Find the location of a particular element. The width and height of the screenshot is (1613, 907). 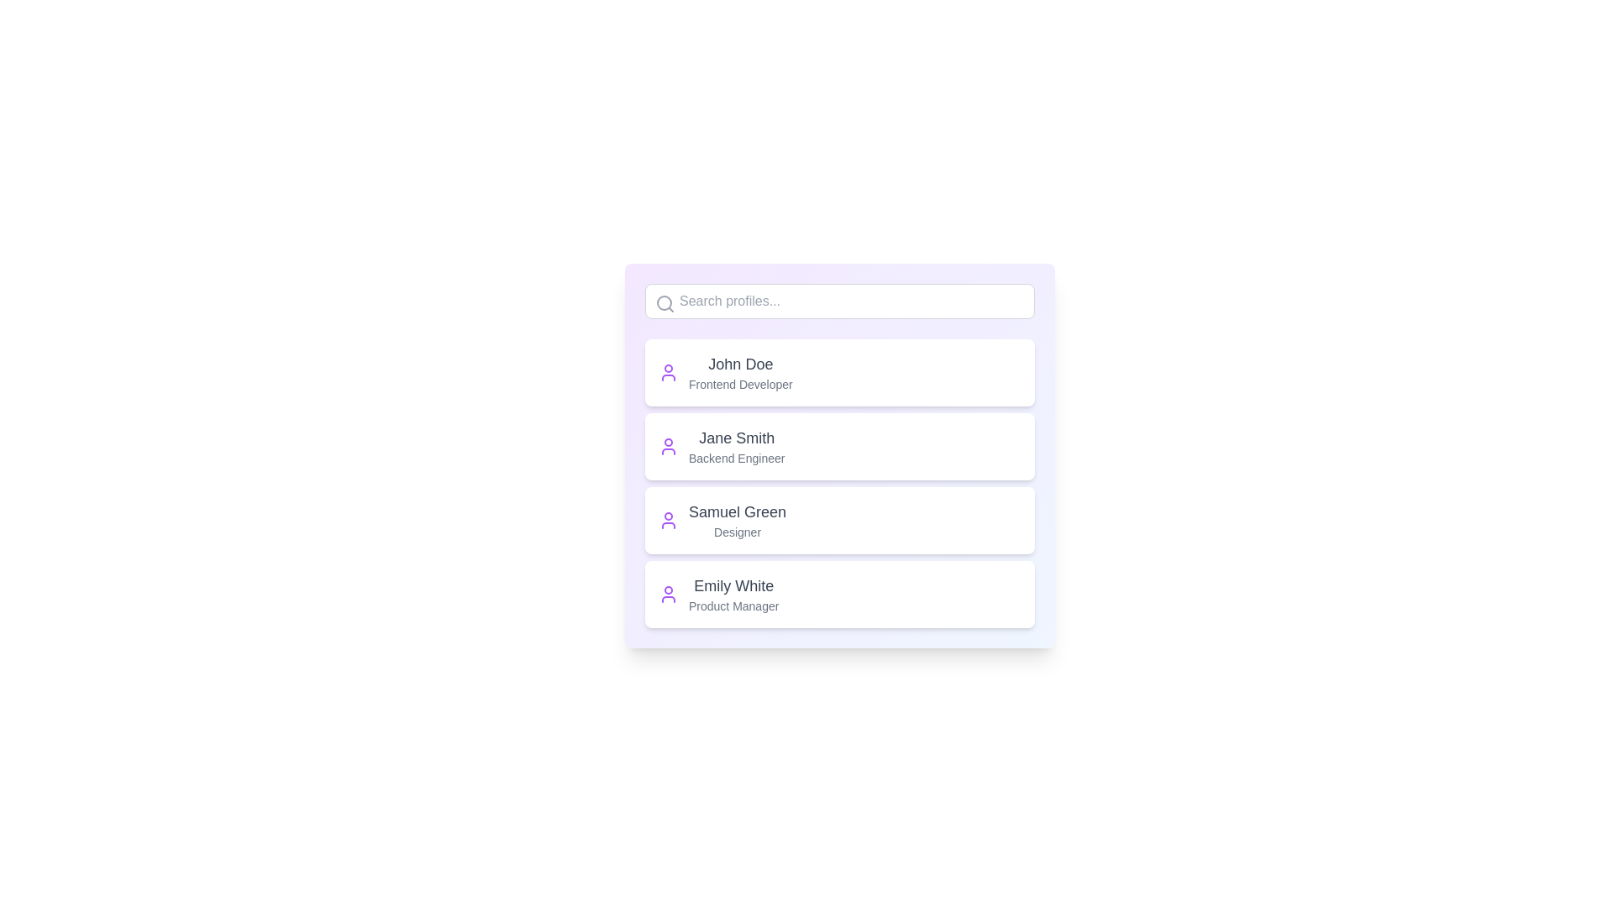

the profile icon representing 'Emily White, Product Manager' to associate it with the adjacent texts is located at coordinates (668, 594).